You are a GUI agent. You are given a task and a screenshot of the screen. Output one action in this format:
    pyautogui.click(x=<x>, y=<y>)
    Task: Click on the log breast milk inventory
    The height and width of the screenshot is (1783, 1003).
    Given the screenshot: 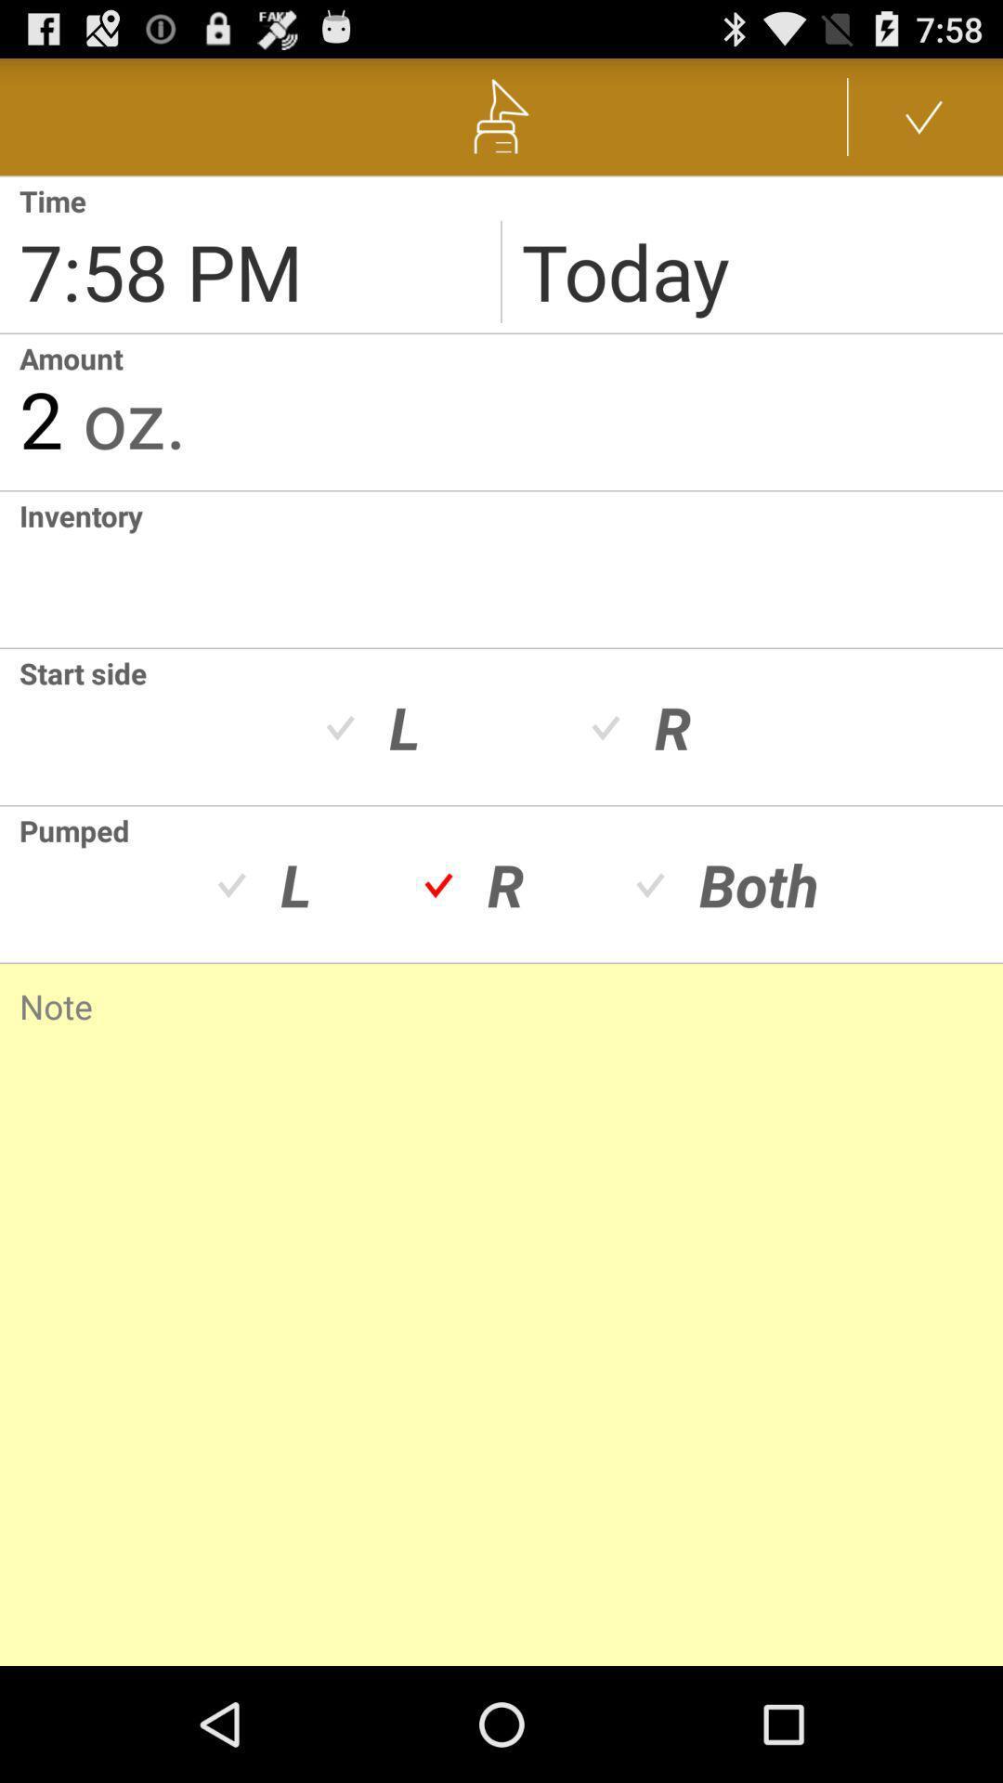 What is the action you would take?
    pyautogui.click(x=9, y=568)
    